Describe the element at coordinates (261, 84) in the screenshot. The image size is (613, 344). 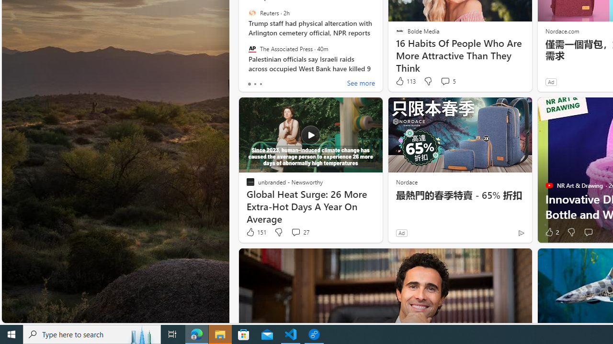
I see `'tab-2'` at that location.